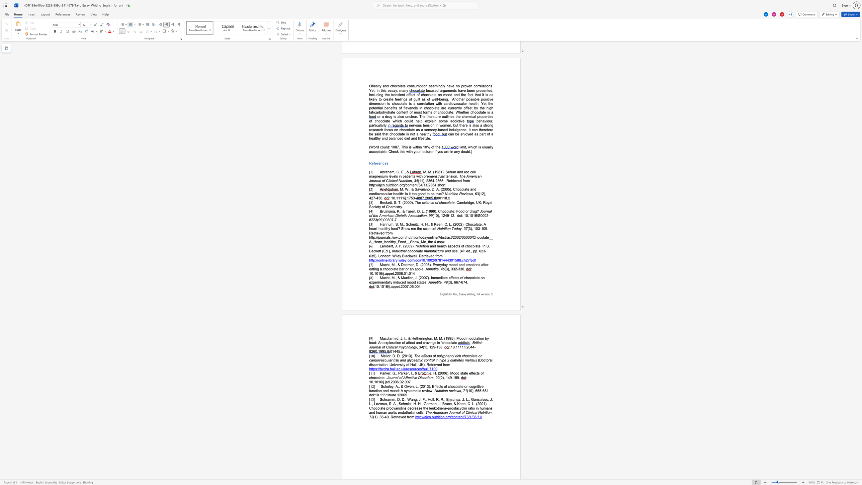  Describe the element at coordinates (446, 294) in the screenshot. I see `the space between the continuous character "i" and "s" in the text` at that location.